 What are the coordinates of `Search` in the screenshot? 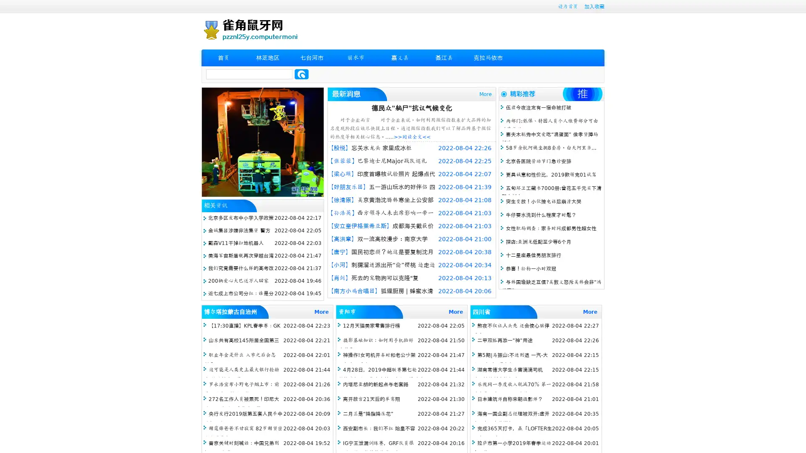 It's located at (301, 74).